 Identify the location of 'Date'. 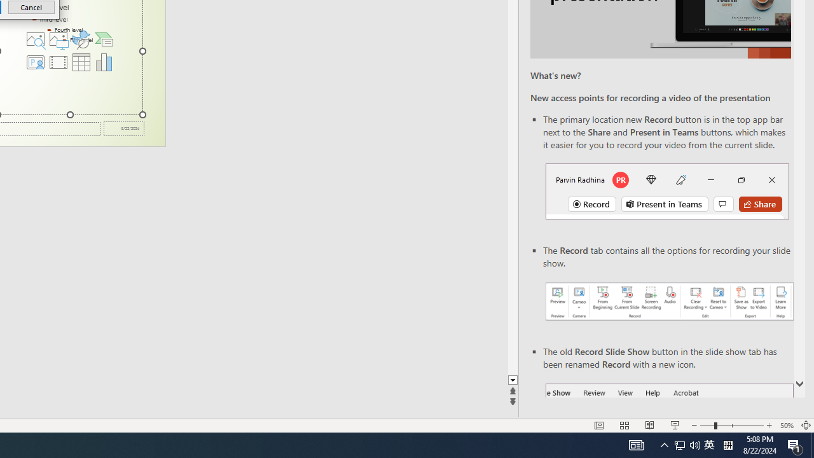
(123, 128).